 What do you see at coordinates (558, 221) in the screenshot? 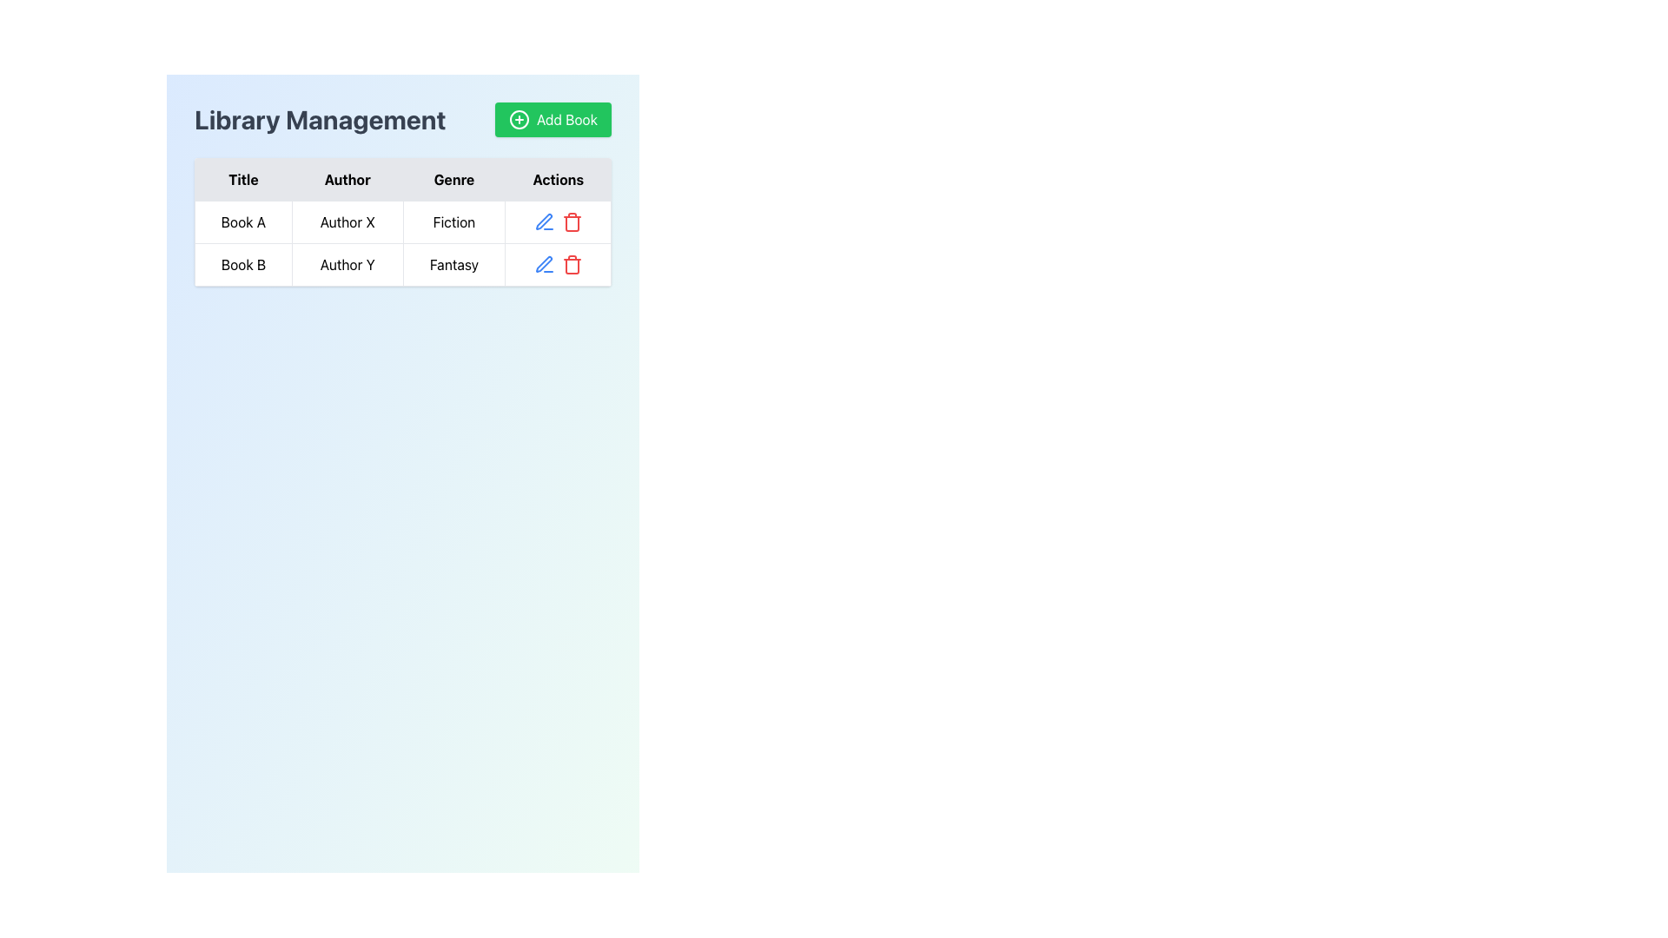
I see `the delete icon in the action area of the first row of the 'Library Management' table to confirm deletion` at bounding box center [558, 221].